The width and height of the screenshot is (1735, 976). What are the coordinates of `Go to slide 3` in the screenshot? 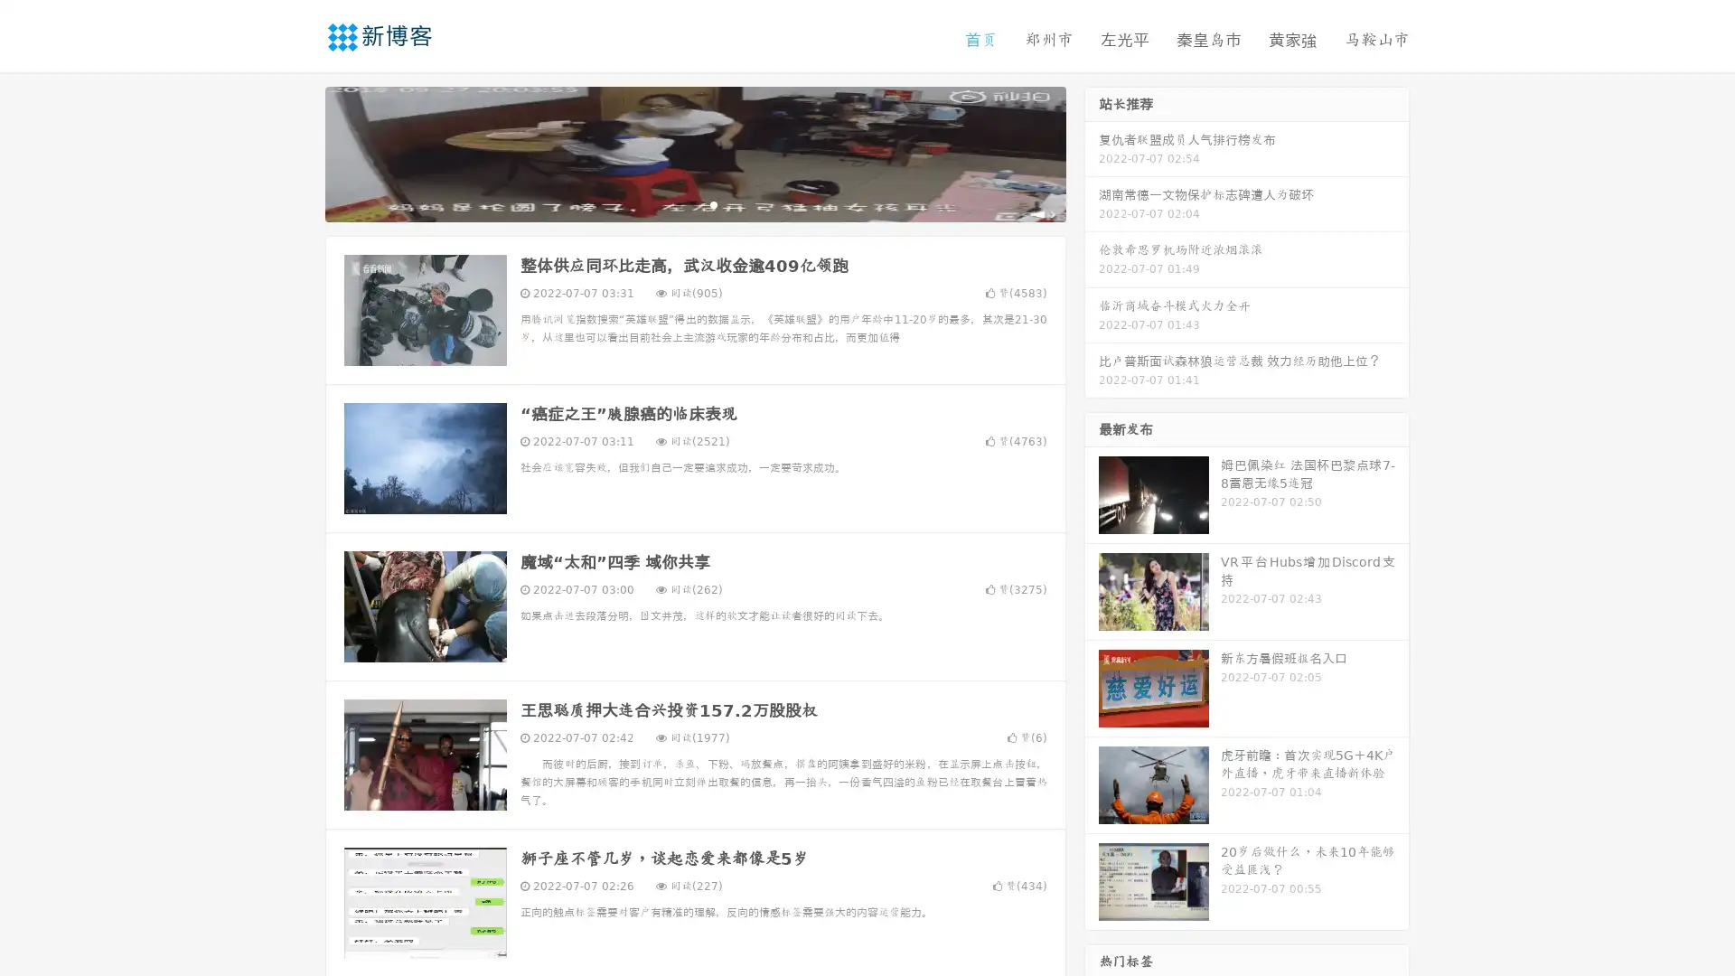 It's located at (713, 203).